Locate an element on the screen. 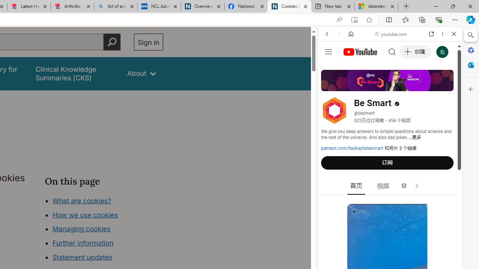 The image size is (479, 269). 'Music' is located at coordinates (390, 203).